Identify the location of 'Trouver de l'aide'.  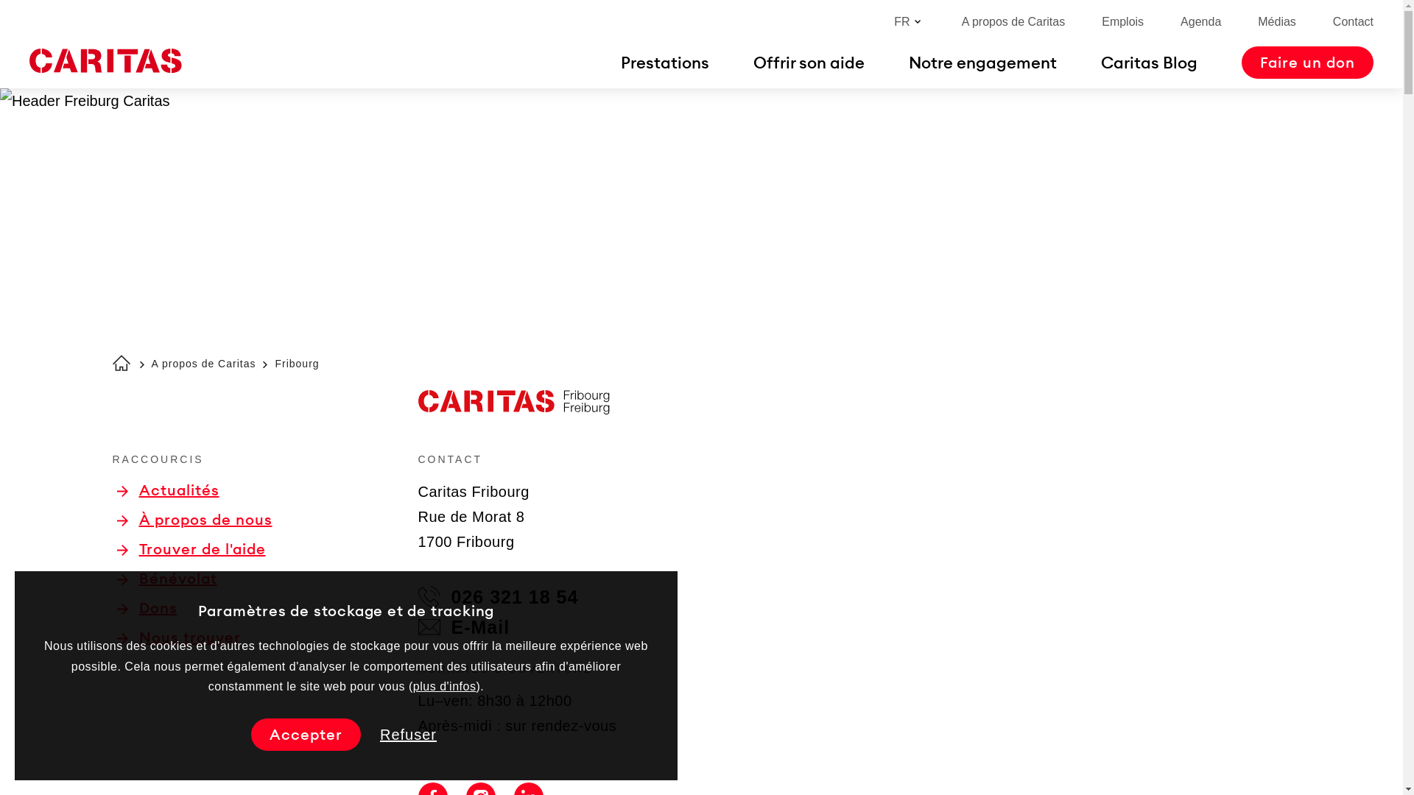
(190, 548).